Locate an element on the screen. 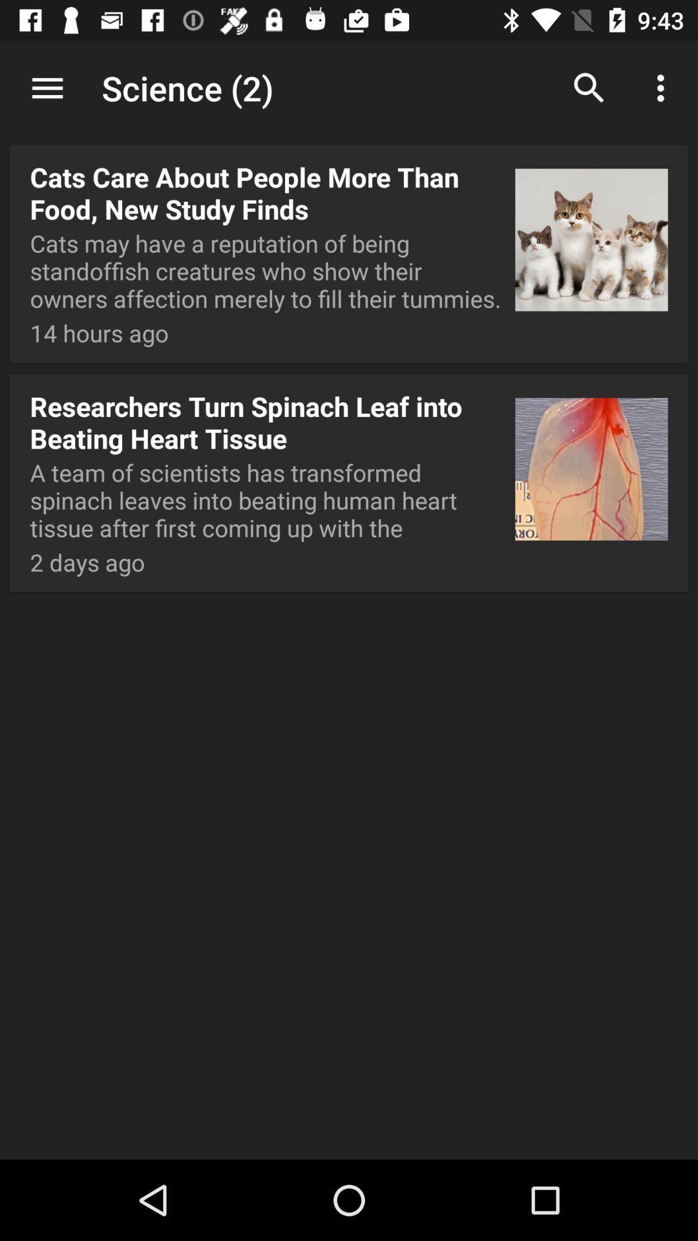 The image size is (698, 1241). icon to the left of science (2) app is located at coordinates (47, 87).